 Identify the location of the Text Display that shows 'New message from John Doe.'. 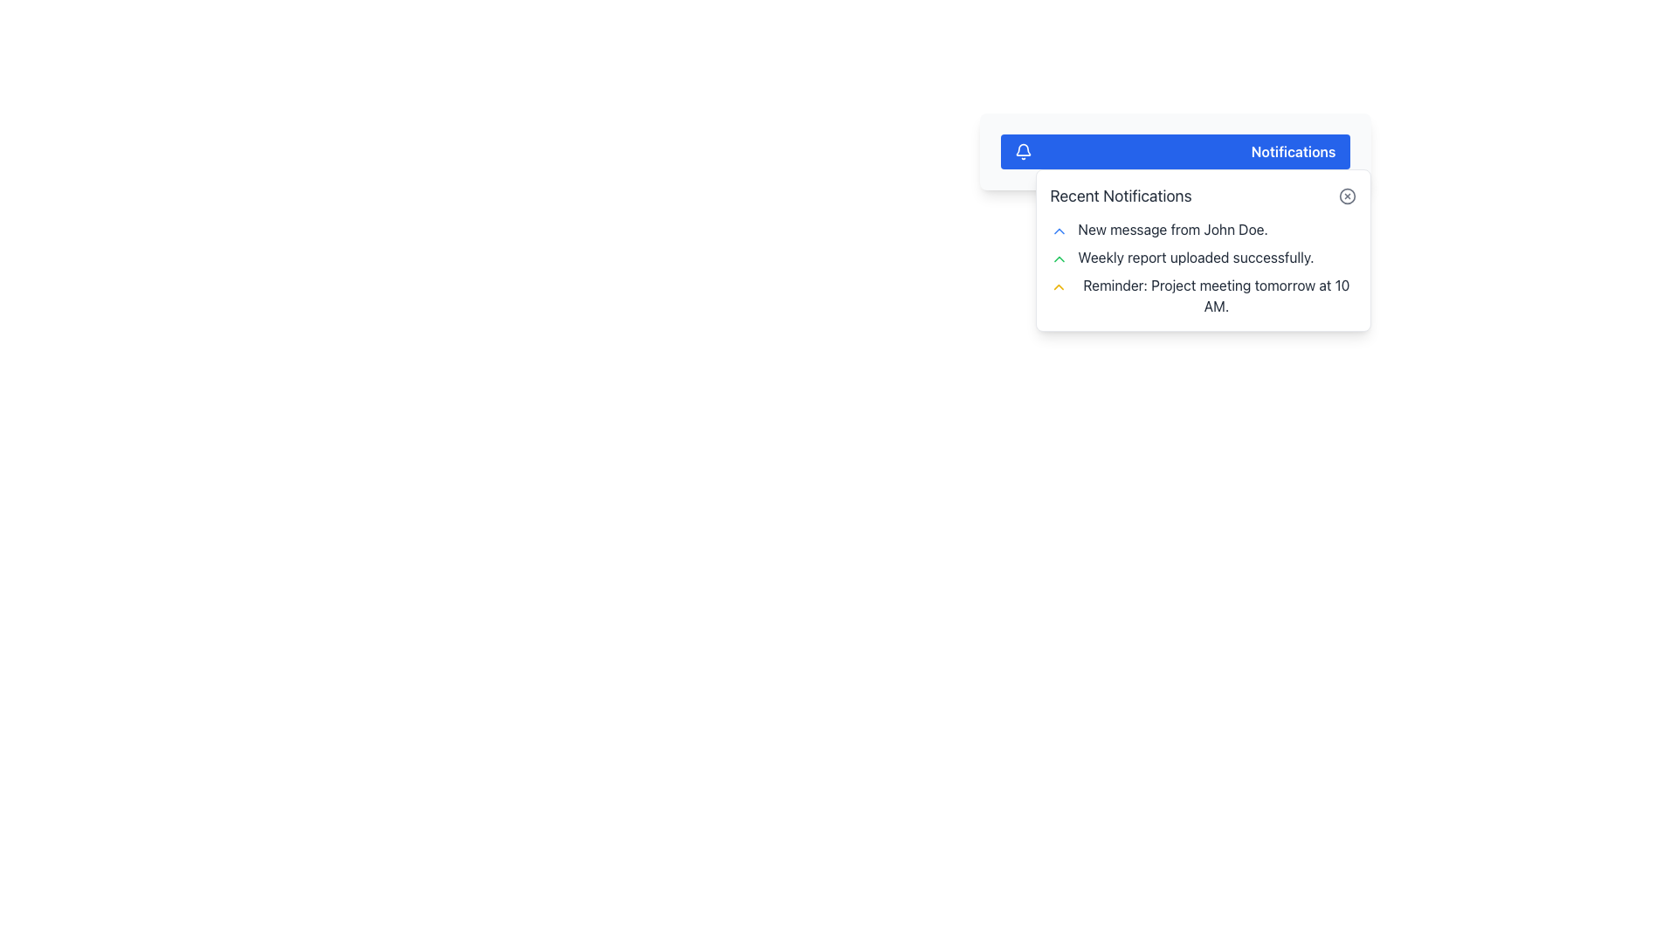
(1173, 228).